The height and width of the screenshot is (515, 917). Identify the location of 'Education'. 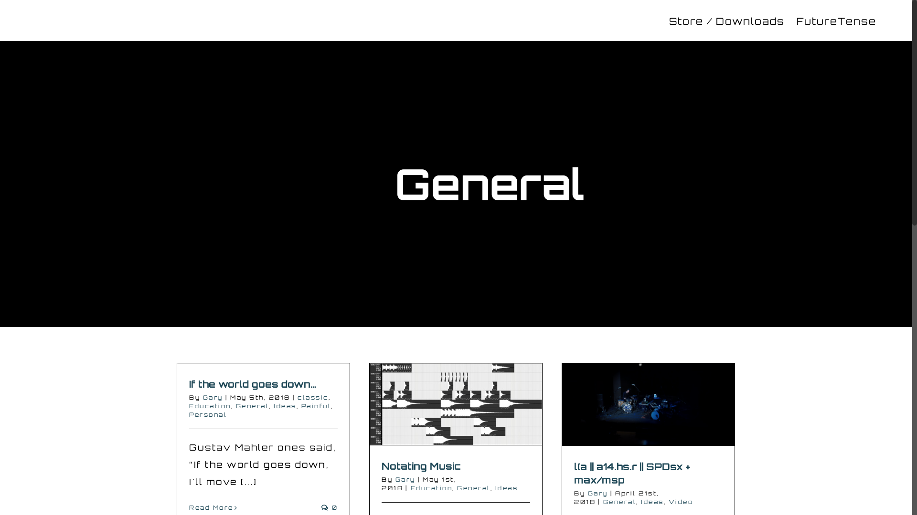
(210, 406).